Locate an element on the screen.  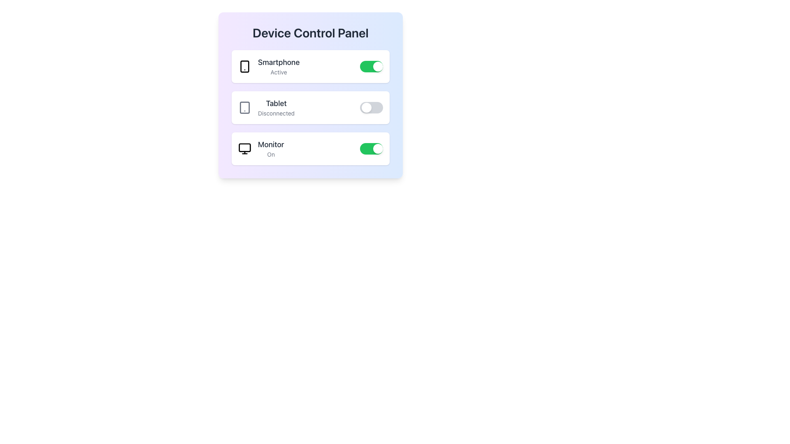
the interactive knob located at the far right of the green toggle switch within the 'Monitor' control row is located at coordinates (377, 149).